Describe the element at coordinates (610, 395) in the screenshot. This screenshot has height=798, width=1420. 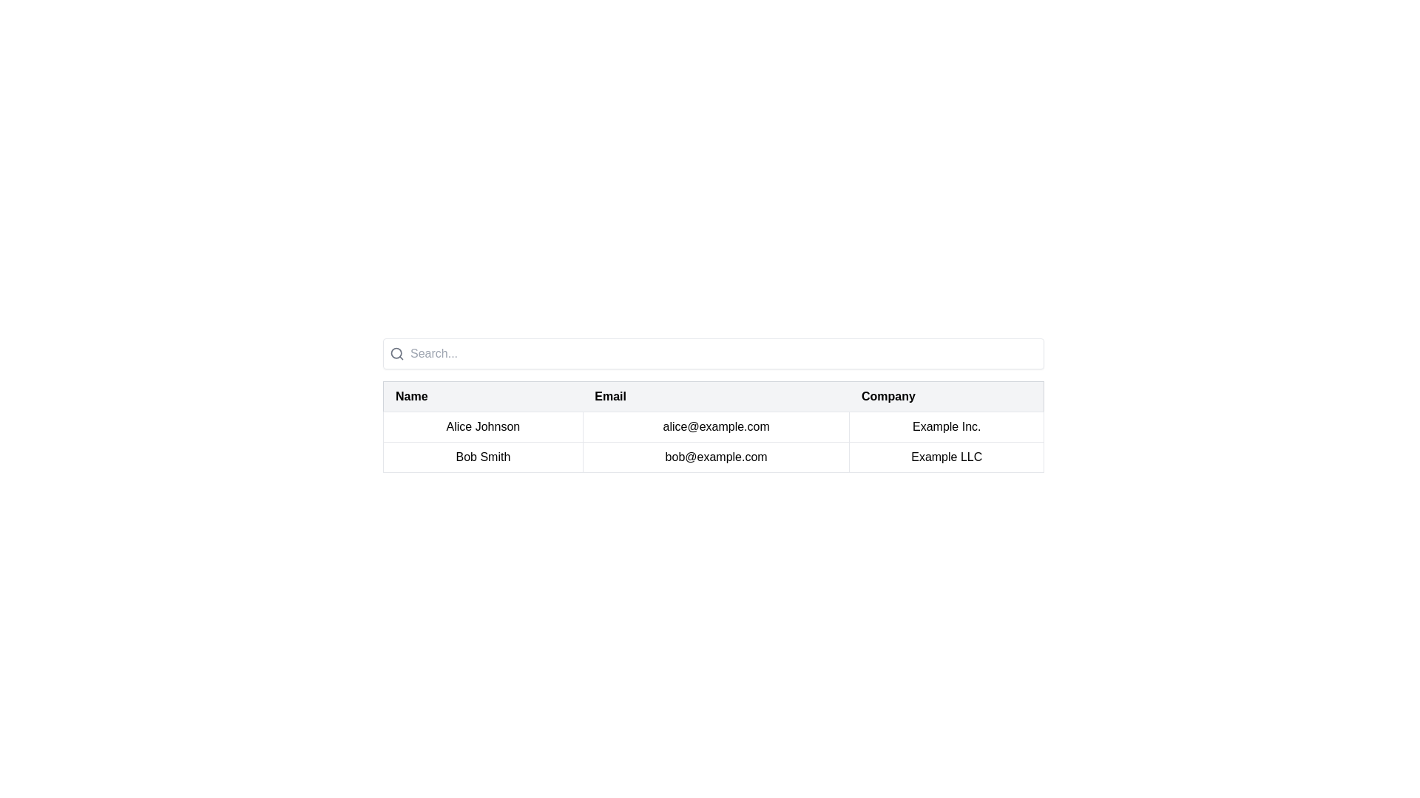
I see `the 'Email' text label, which is styled with the CSS class 'capitalize' and located in the second column header of a table` at that location.